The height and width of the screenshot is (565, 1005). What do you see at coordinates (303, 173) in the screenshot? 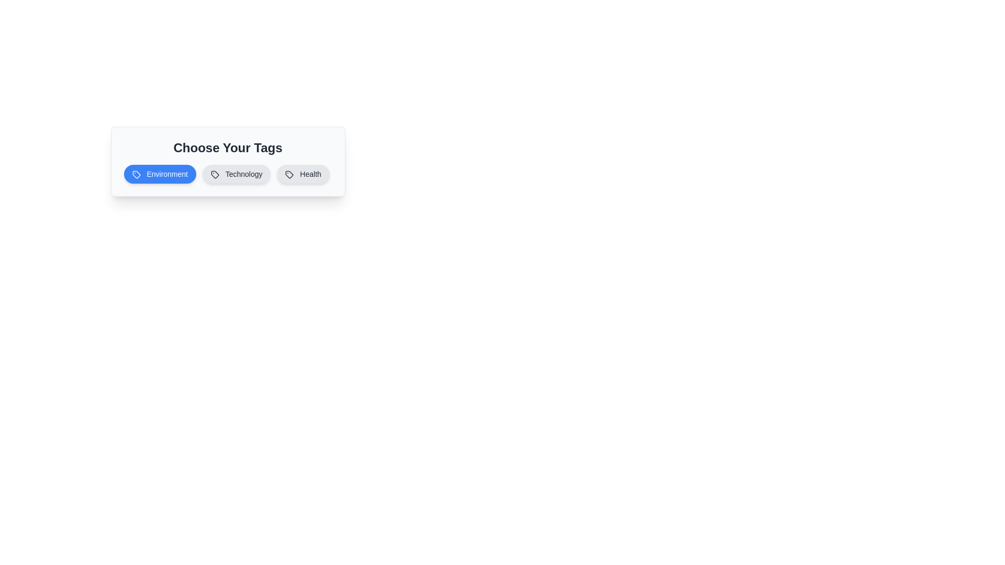
I see `the 'Health' tag button to toggle its state` at bounding box center [303, 173].